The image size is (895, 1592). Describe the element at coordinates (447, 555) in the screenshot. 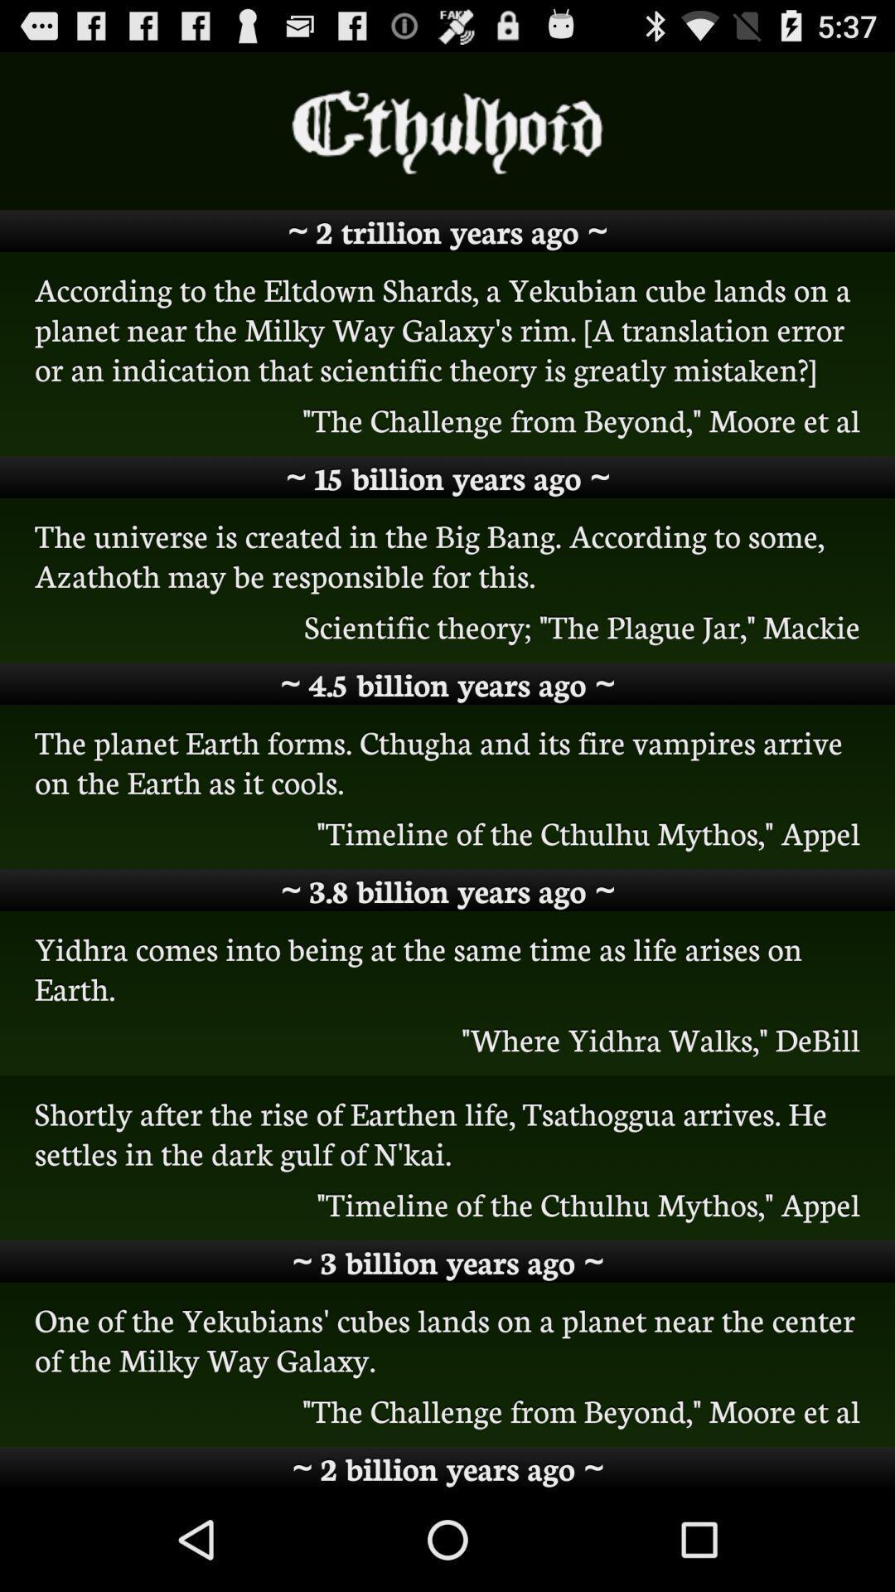

I see `item below the 15 billion years icon` at that location.